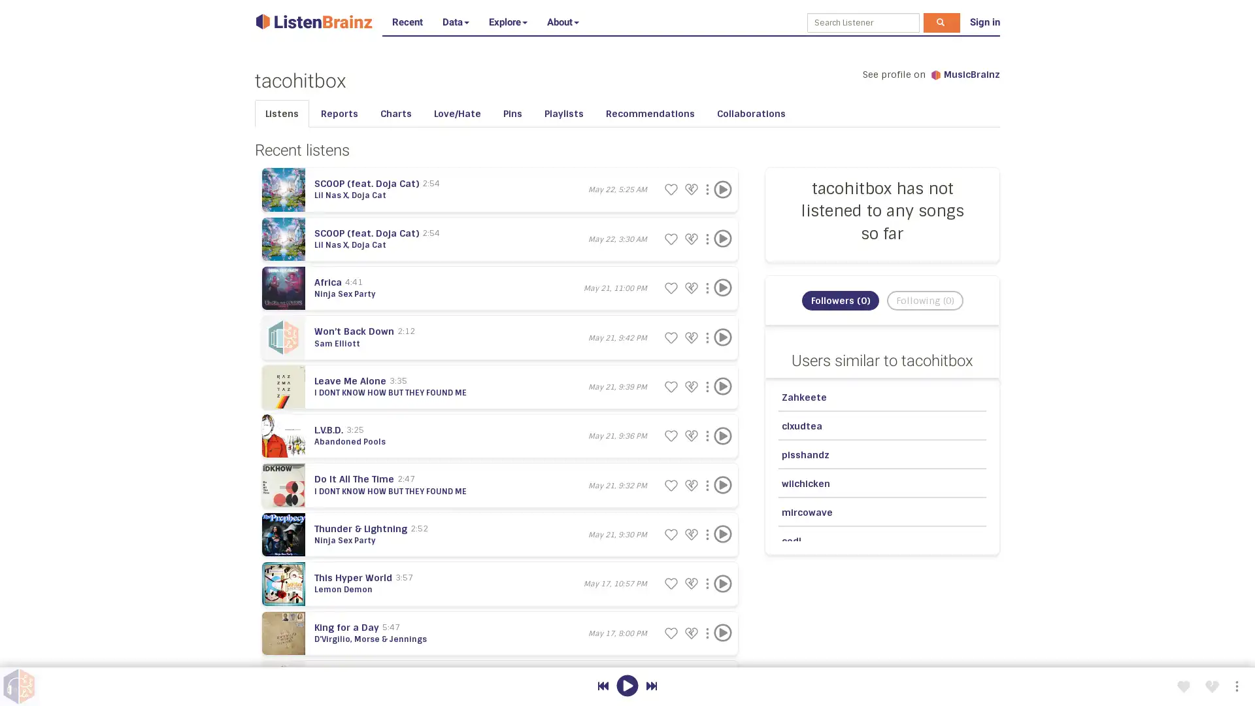 The image size is (1255, 706). What do you see at coordinates (924, 332) in the screenshot?
I see `Following (0)` at bounding box center [924, 332].